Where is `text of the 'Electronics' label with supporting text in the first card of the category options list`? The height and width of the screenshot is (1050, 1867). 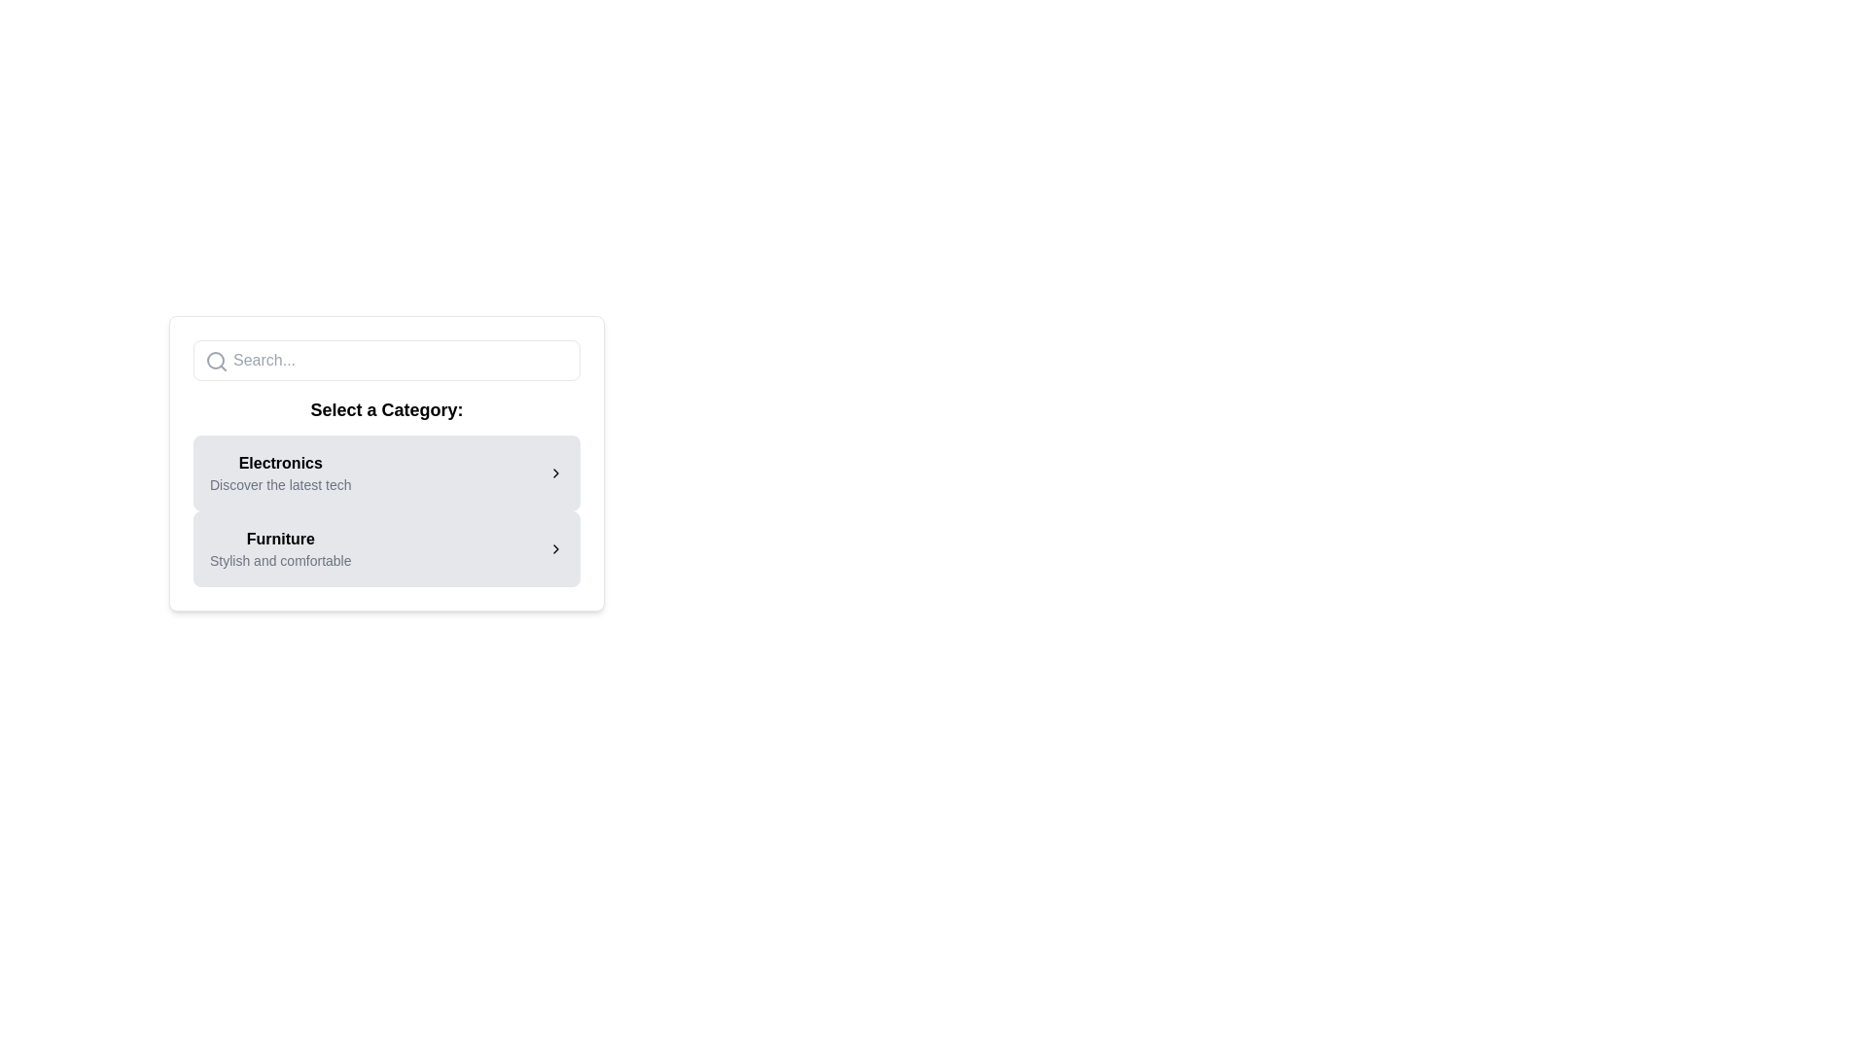 text of the 'Electronics' label with supporting text in the first card of the category options list is located at coordinates (279, 472).